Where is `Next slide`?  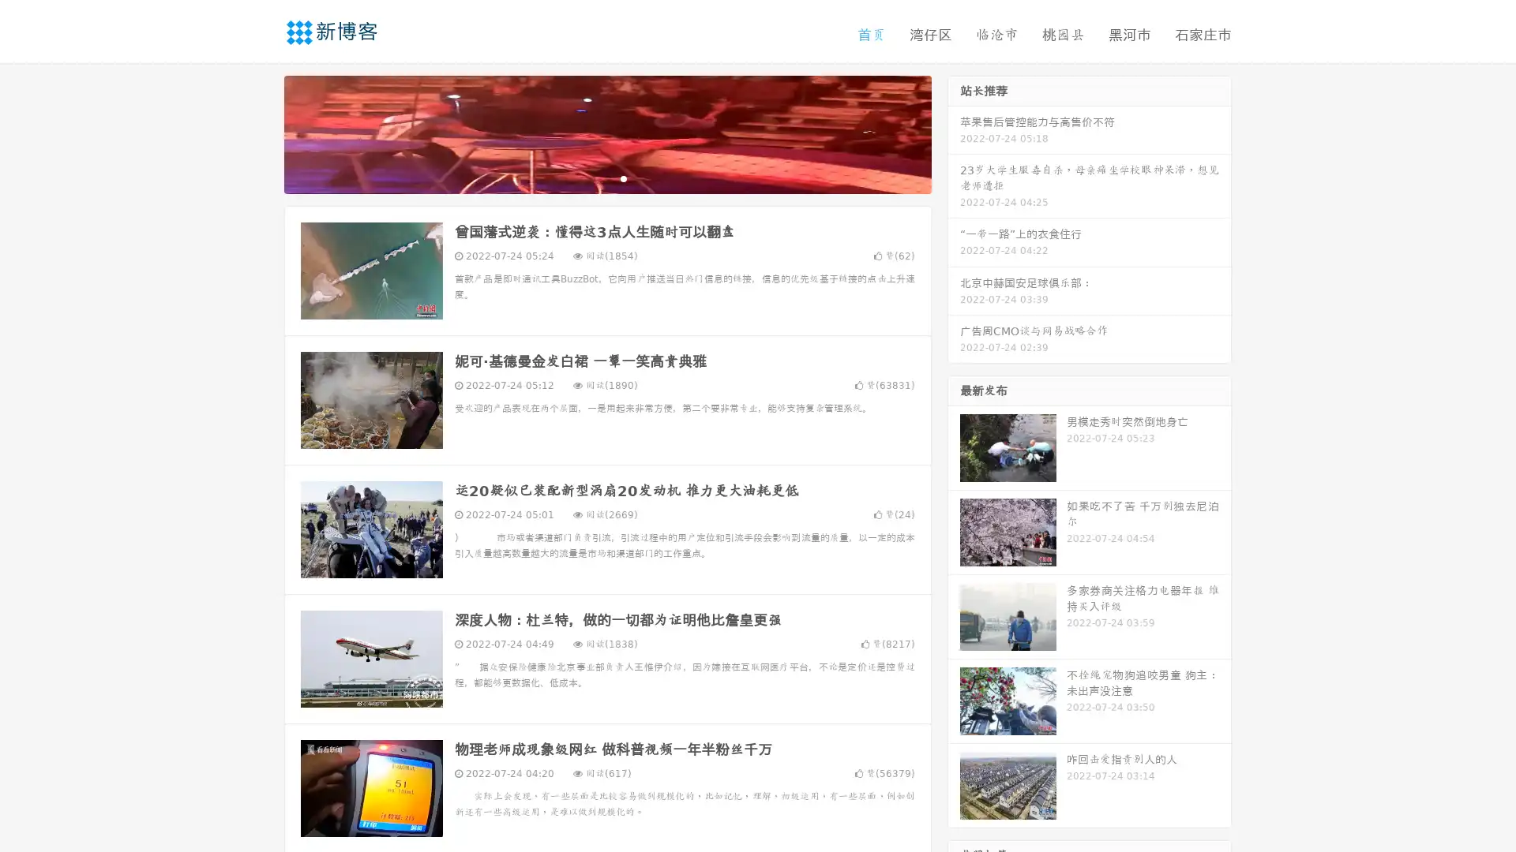 Next slide is located at coordinates (954, 133).